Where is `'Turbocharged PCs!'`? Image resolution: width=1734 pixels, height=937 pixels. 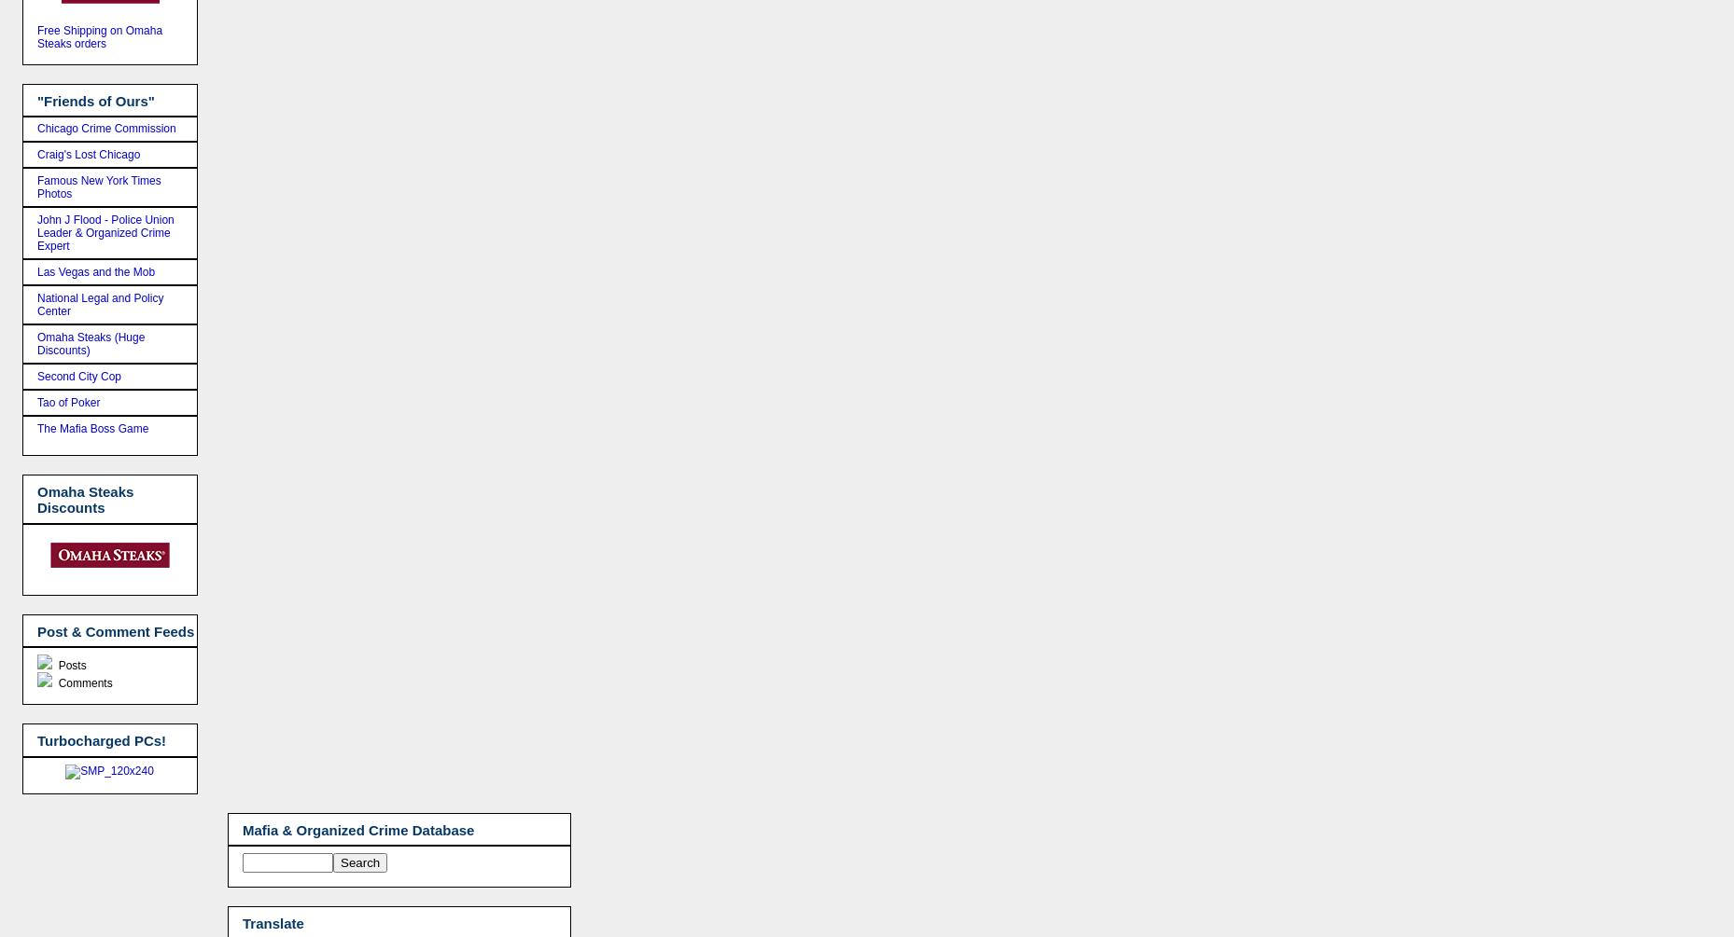 'Turbocharged PCs!' is located at coordinates (102, 740).